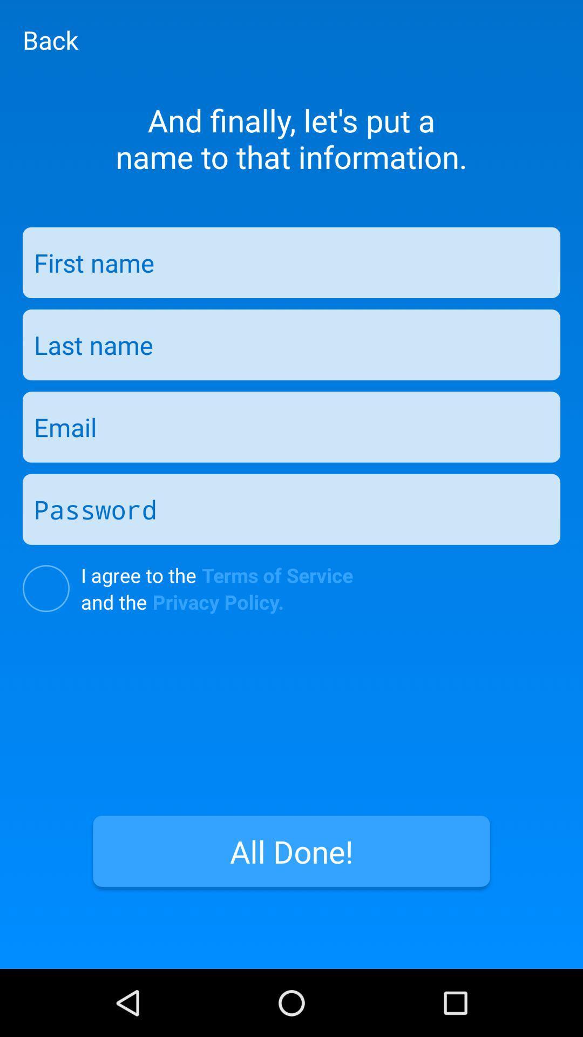 The width and height of the screenshot is (583, 1037). What do you see at coordinates (45, 588) in the screenshot?
I see `agree to terms and conditions and privacy policy` at bounding box center [45, 588].